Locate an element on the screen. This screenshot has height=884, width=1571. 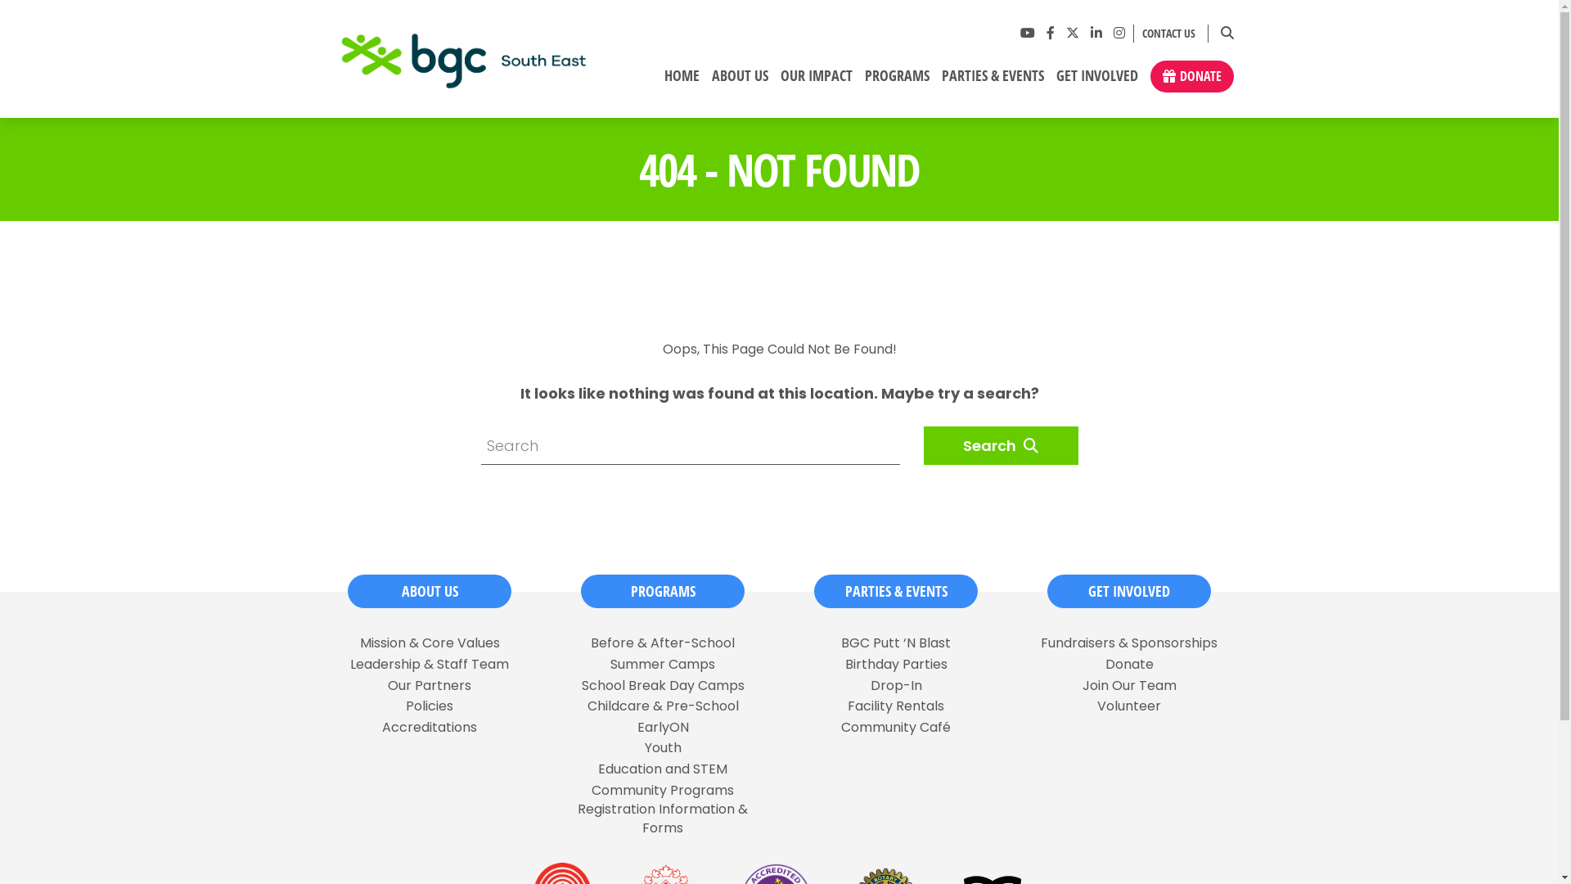
'Summer Camps' is located at coordinates (663, 665).